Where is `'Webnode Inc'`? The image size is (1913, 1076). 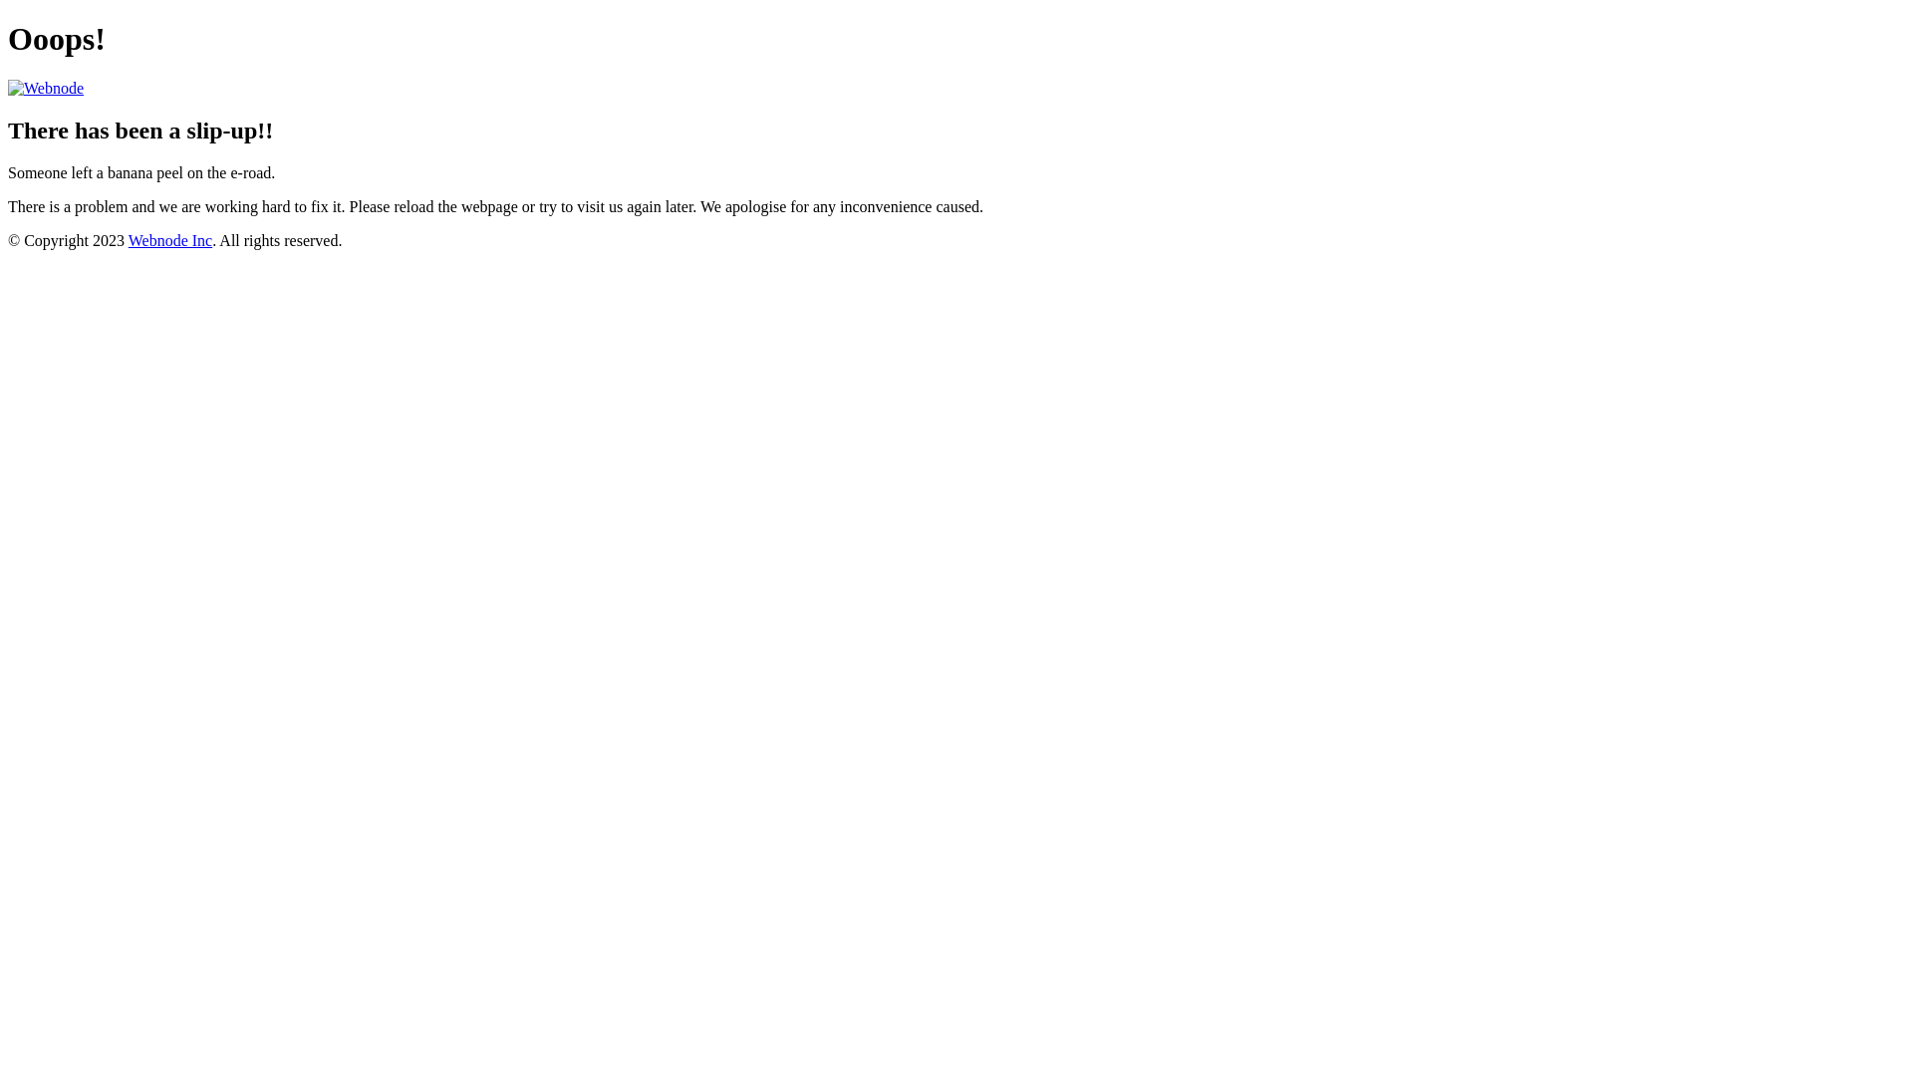
'Webnode Inc' is located at coordinates (128, 239).